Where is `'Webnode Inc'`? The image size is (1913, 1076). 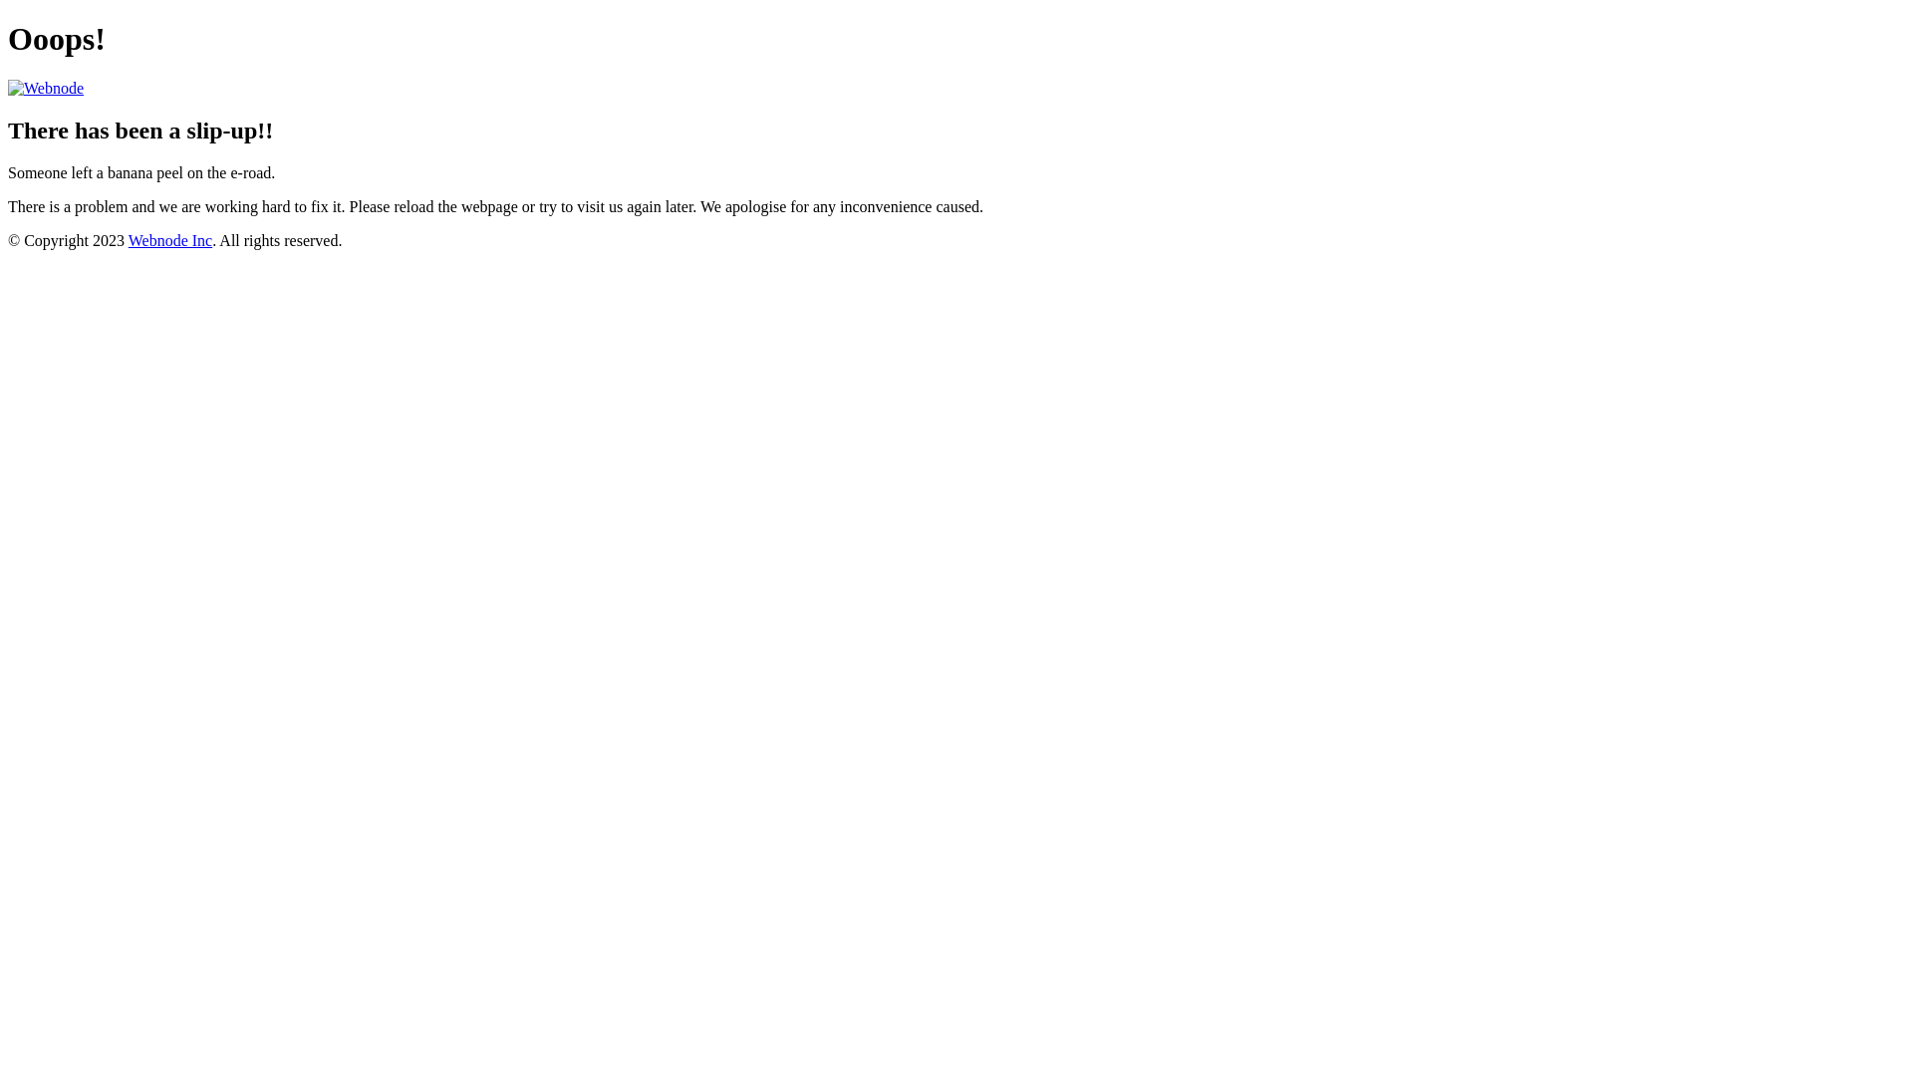
'Webnode Inc' is located at coordinates (128, 239).